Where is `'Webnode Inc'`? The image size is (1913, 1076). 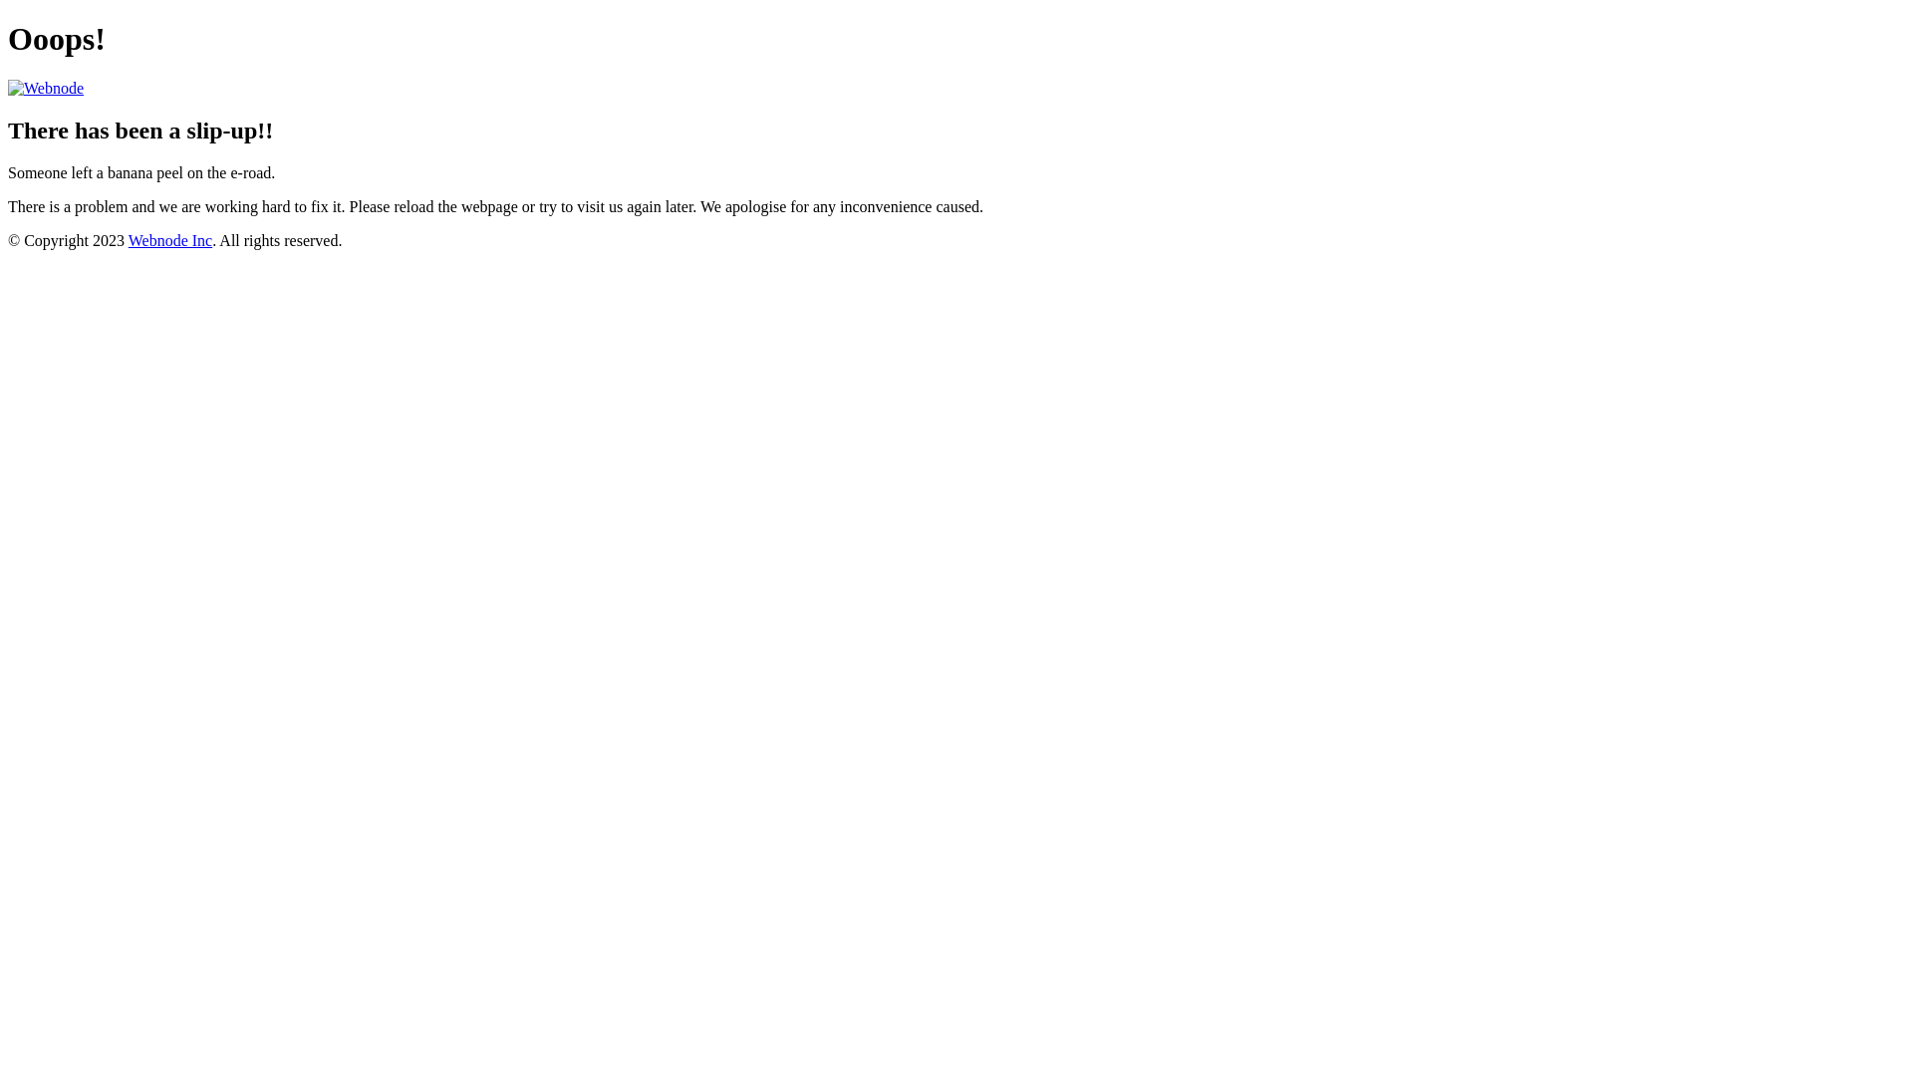
'Webnode Inc' is located at coordinates (128, 239).